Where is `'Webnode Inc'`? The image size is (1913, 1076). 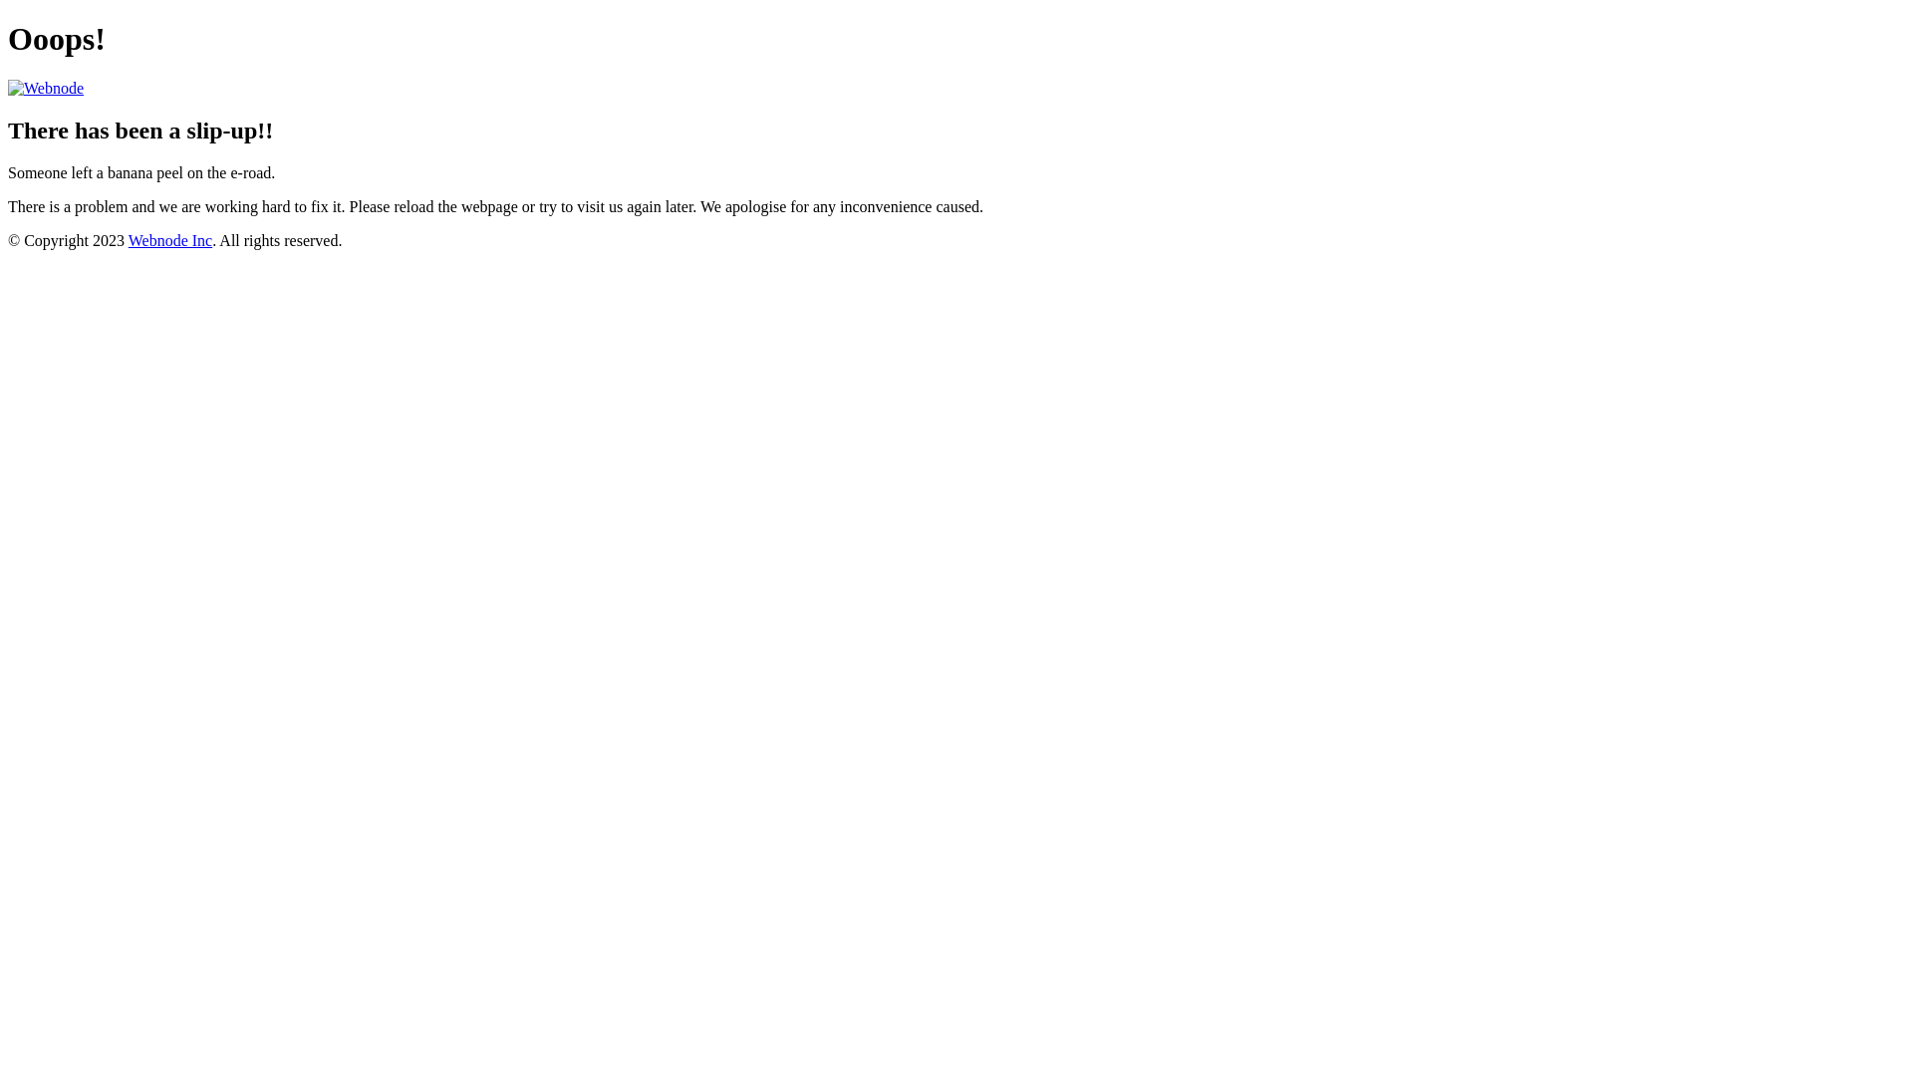
'Webnode Inc' is located at coordinates (128, 239).